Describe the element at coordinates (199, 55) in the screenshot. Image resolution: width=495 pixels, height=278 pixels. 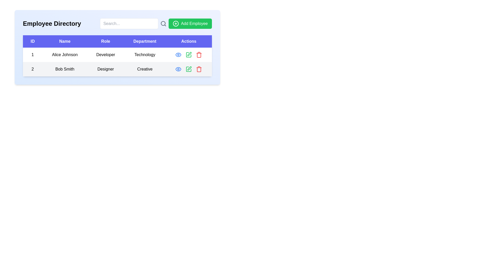
I see `the delete icon button located in the 'Actions' column of the second row for 'Bob Smith' to change its color` at that location.